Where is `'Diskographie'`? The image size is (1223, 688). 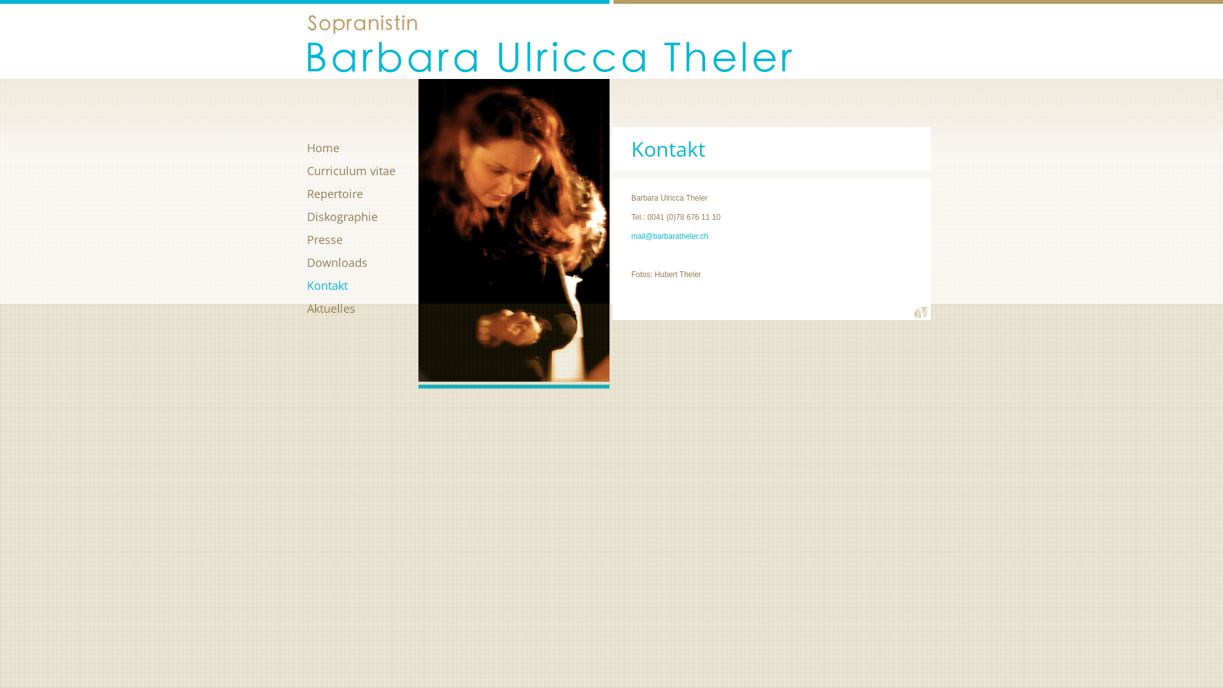 'Diskographie' is located at coordinates (362, 215).